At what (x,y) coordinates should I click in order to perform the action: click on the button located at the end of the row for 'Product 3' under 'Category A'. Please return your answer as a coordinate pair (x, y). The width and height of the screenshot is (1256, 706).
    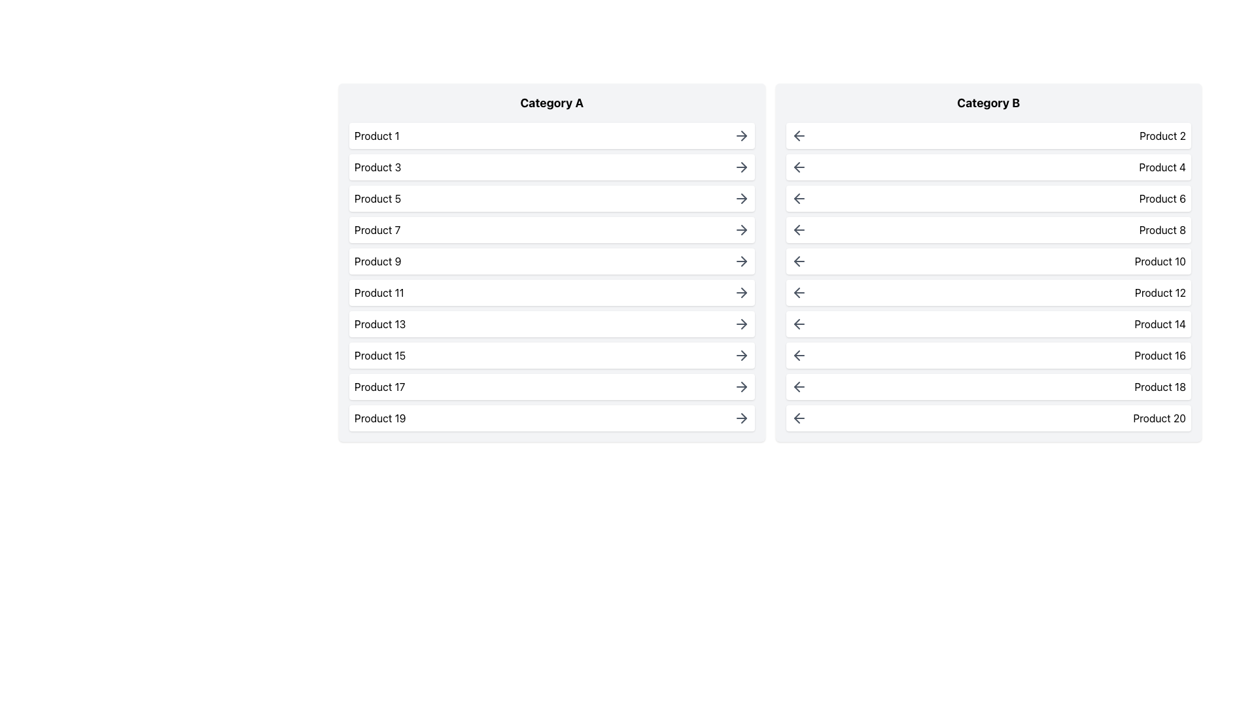
    Looking at the image, I should click on (741, 166).